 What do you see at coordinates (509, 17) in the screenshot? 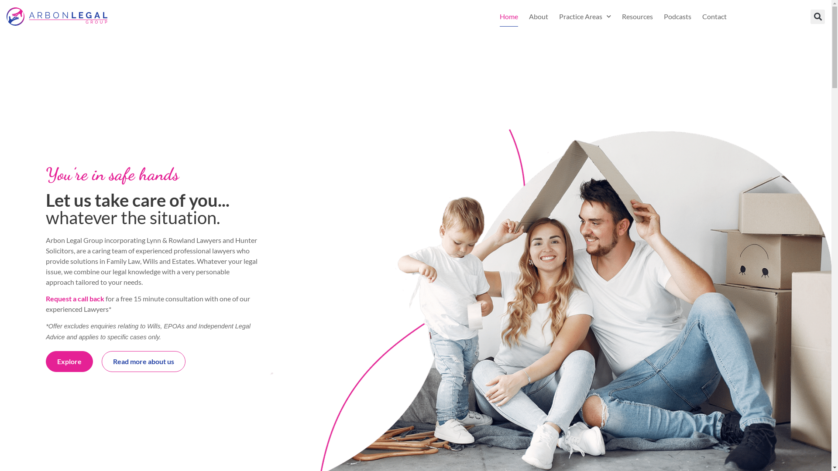
I see `'Home'` at bounding box center [509, 17].